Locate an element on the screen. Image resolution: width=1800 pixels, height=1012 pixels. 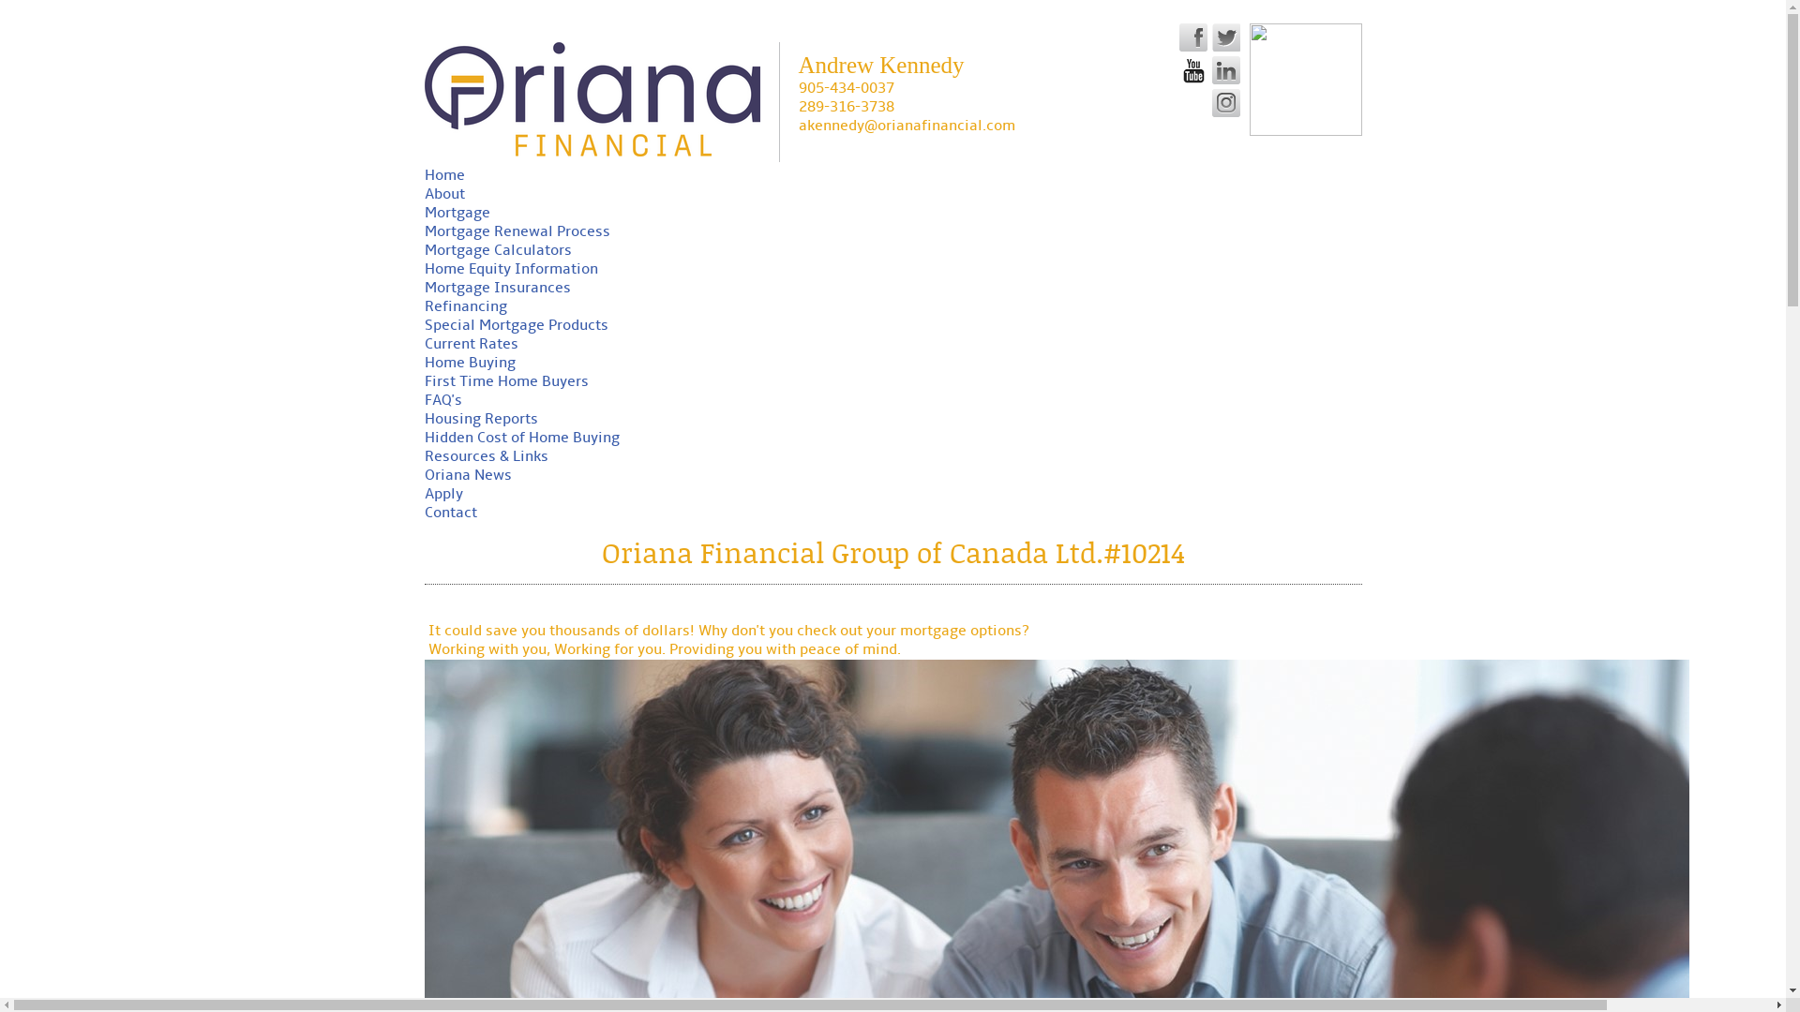
'About' is located at coordinates (442, 195).